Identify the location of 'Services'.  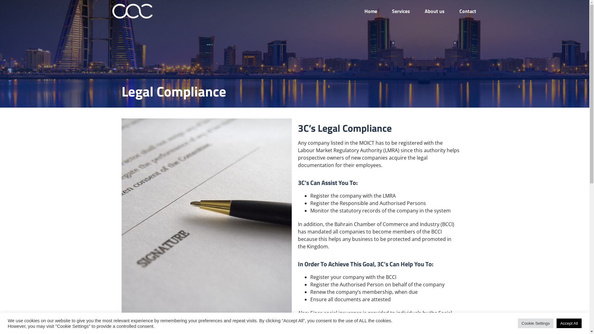
(401, 11).